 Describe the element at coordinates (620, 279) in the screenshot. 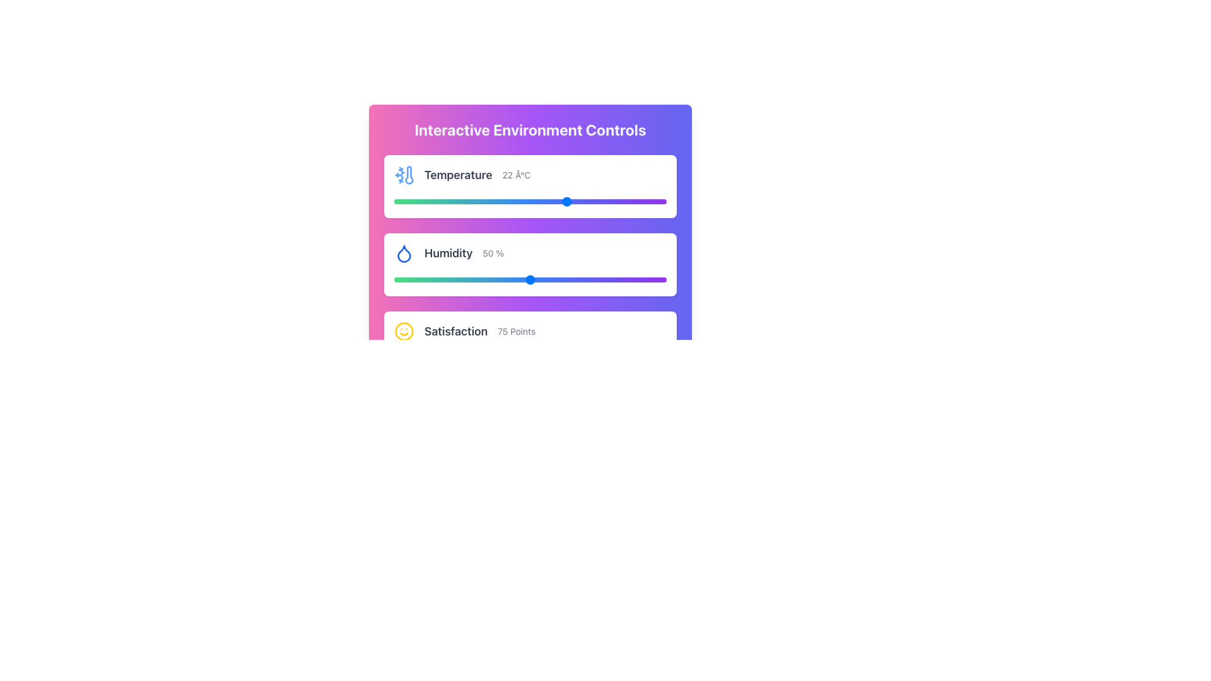

I see `humidity` at that location.